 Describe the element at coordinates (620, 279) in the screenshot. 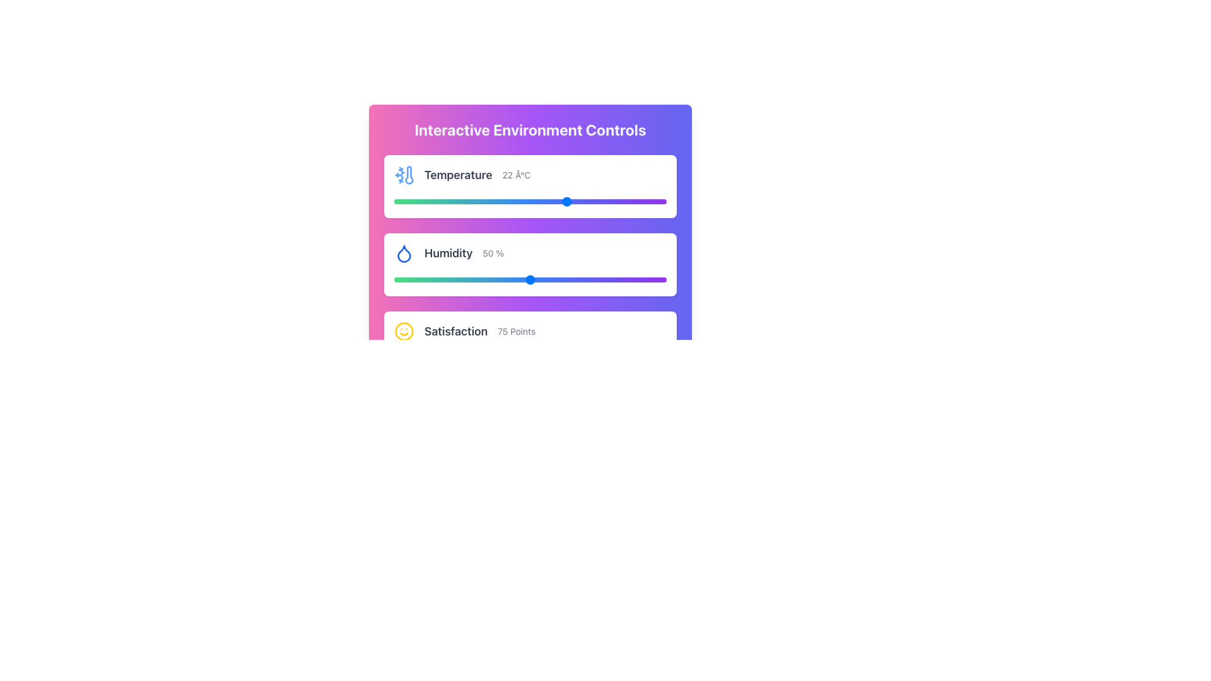

I see `humidity` at that location.